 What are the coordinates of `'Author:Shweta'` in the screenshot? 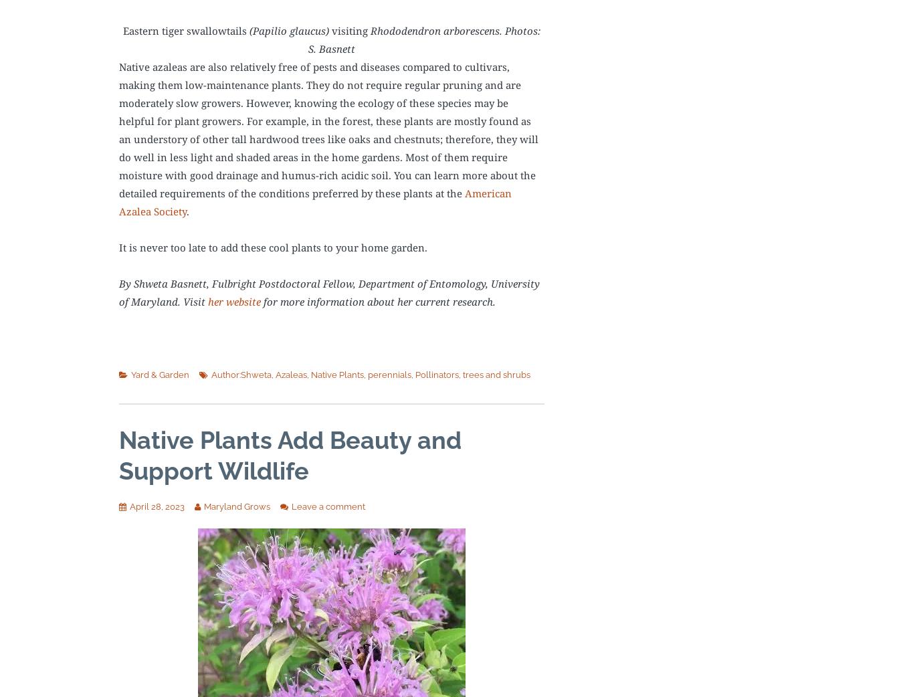 It's located at (241, 374).